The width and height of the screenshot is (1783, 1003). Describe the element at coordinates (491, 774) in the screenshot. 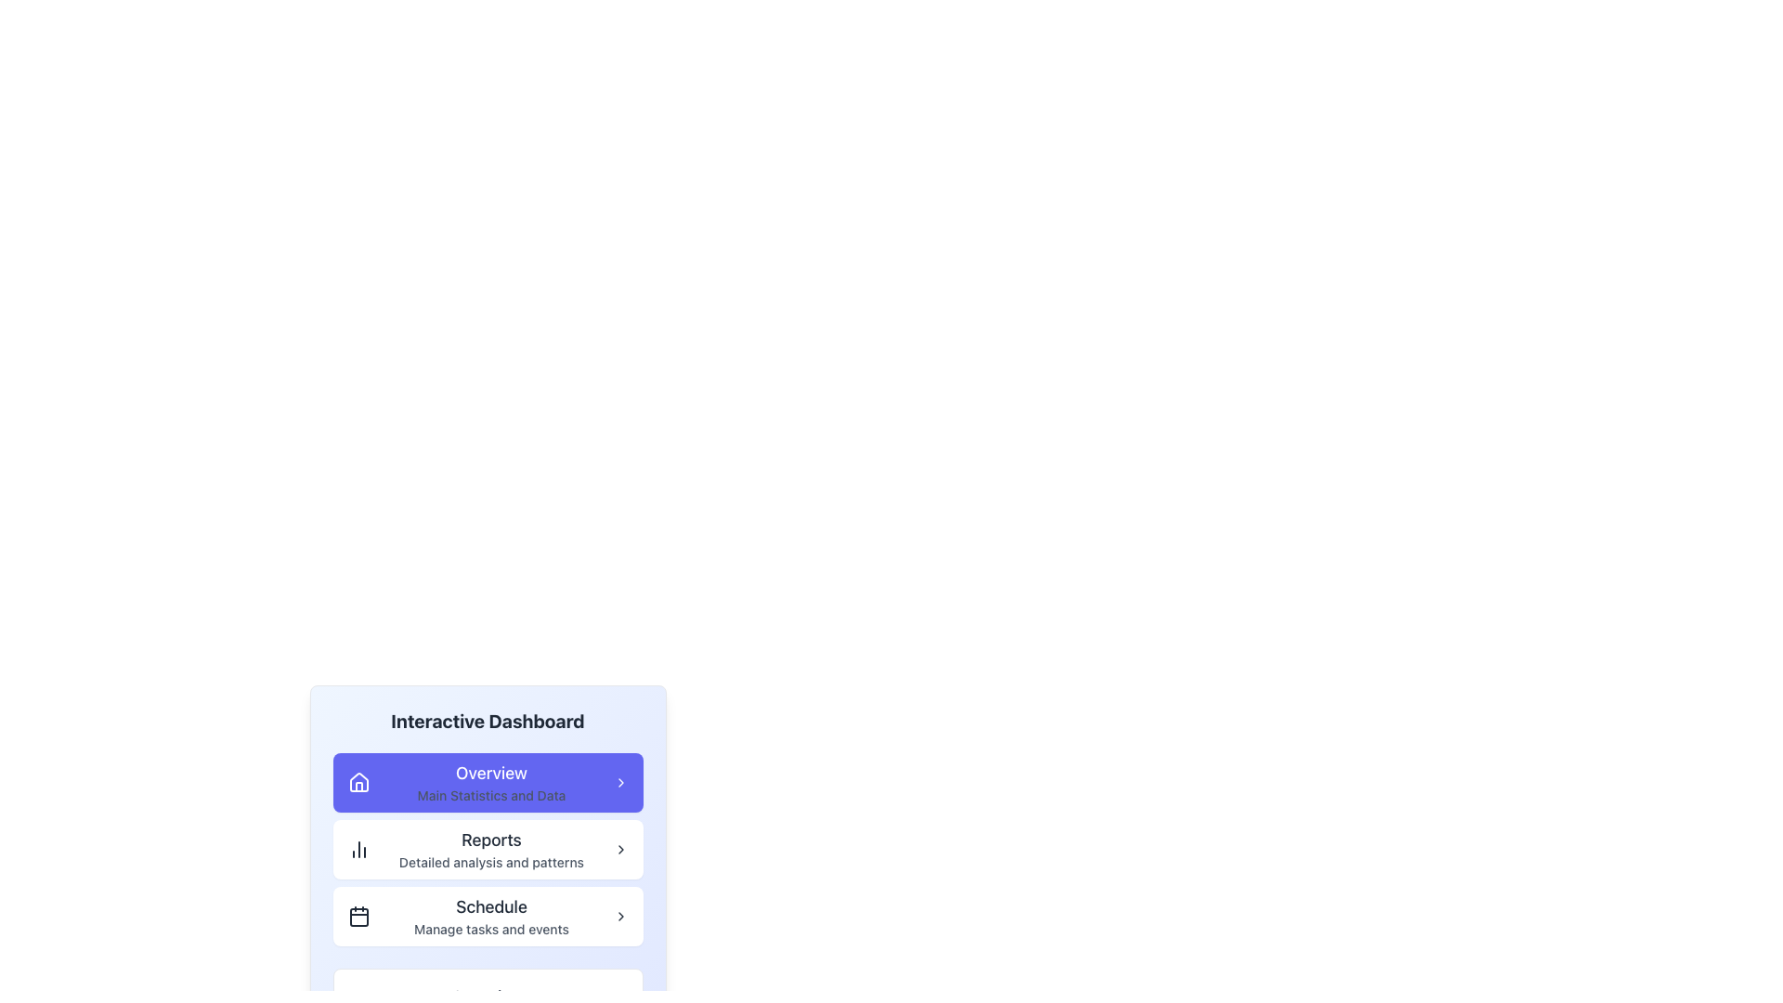

I see `the 'Overview' text label within the purple button located at the top of the navigation panel` at that location.